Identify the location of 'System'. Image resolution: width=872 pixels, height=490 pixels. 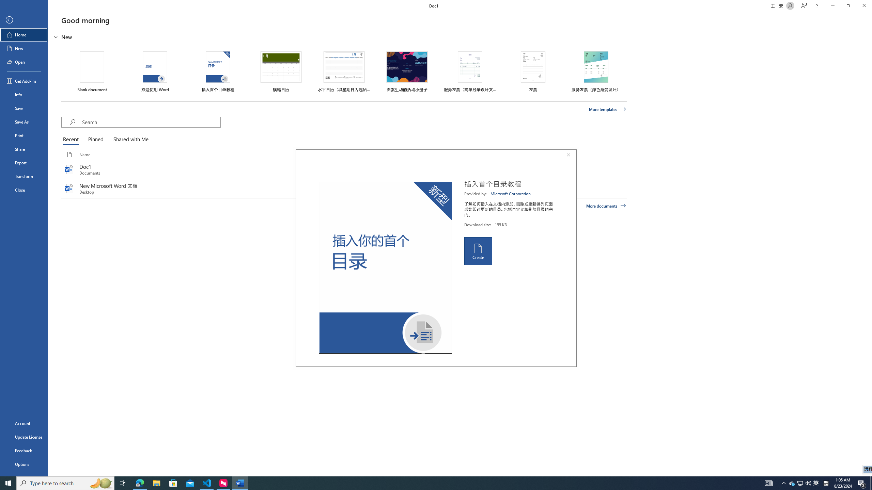
(4, 3).